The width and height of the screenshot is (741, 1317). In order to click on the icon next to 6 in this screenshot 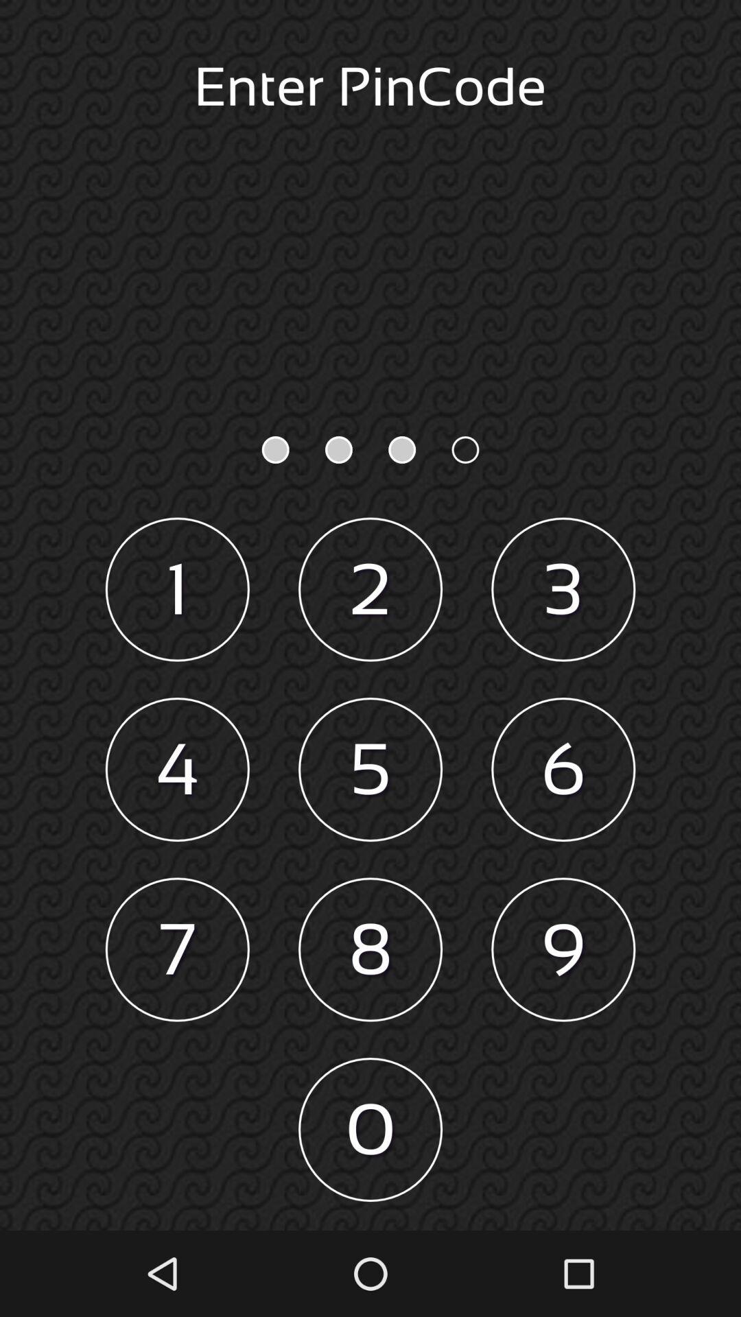, I will do `click(370, 770)`.